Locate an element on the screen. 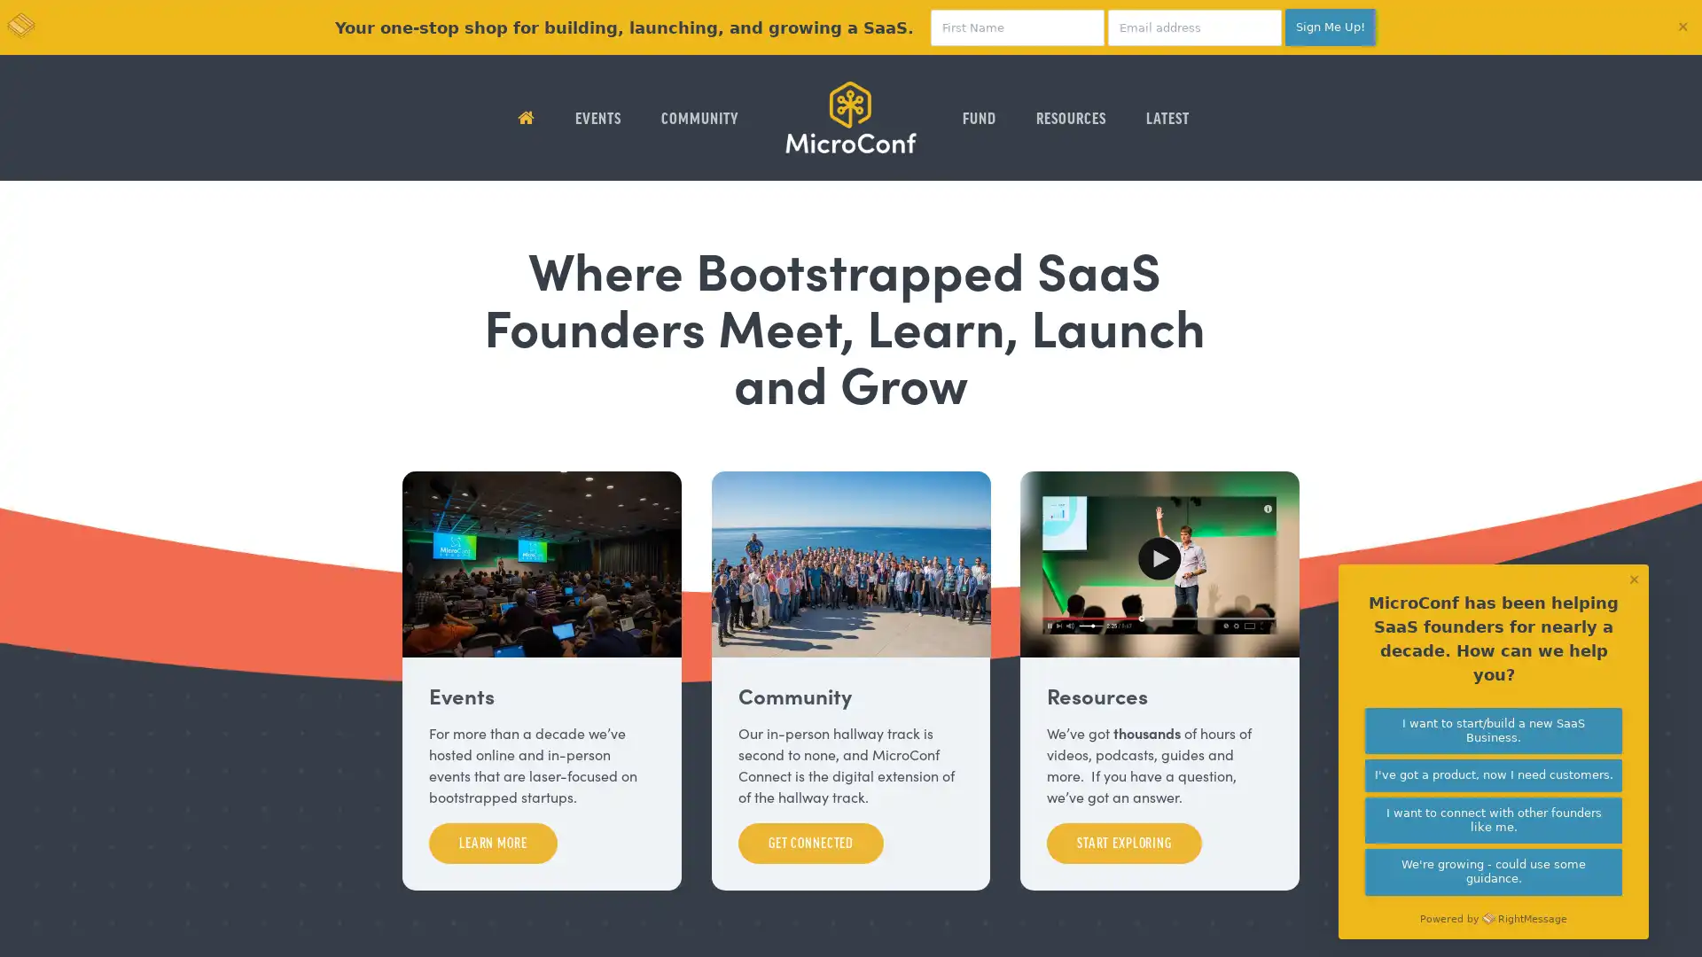  Sign Me Up! is located at coordinates (1331, 27).